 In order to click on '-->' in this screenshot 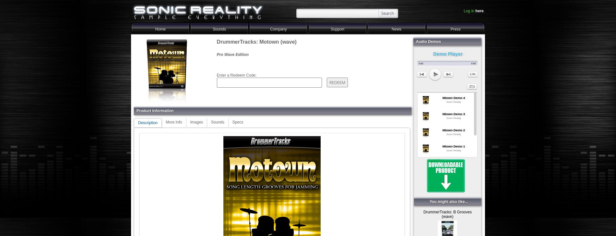, I will do `click(307, 1)`.